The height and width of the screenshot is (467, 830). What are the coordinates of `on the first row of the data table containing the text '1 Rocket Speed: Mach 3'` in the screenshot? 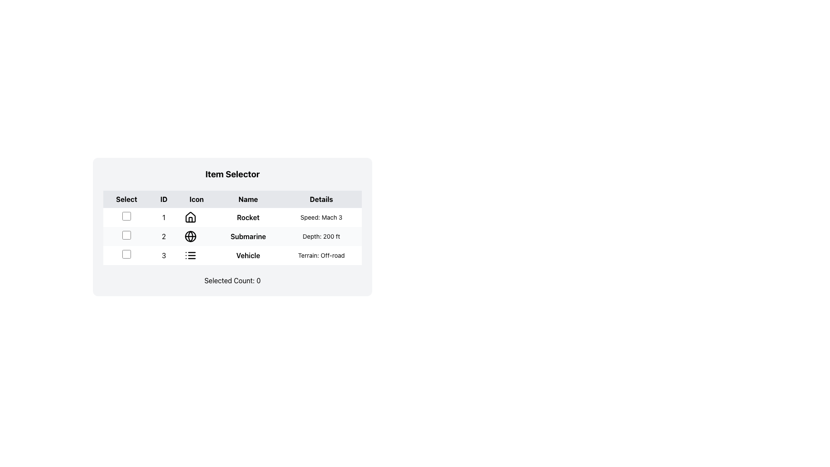 It's located at (232, 217).